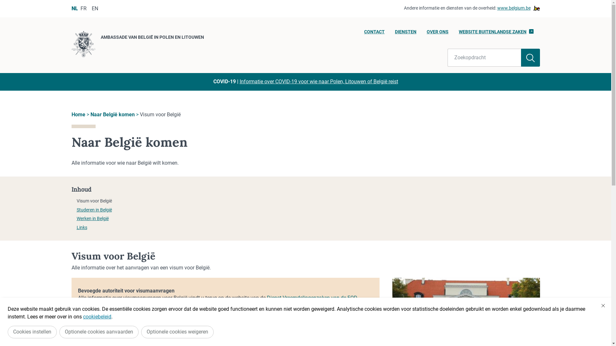  What do you see at coordinates (83, 316) in the screenshot?
I see `'cookiebeleid'` at bounding box center [83, 316].